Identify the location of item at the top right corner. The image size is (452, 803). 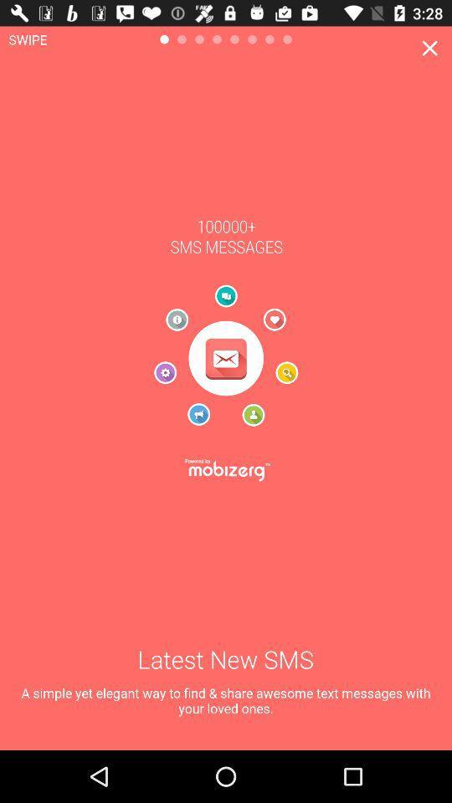
(429, 47).